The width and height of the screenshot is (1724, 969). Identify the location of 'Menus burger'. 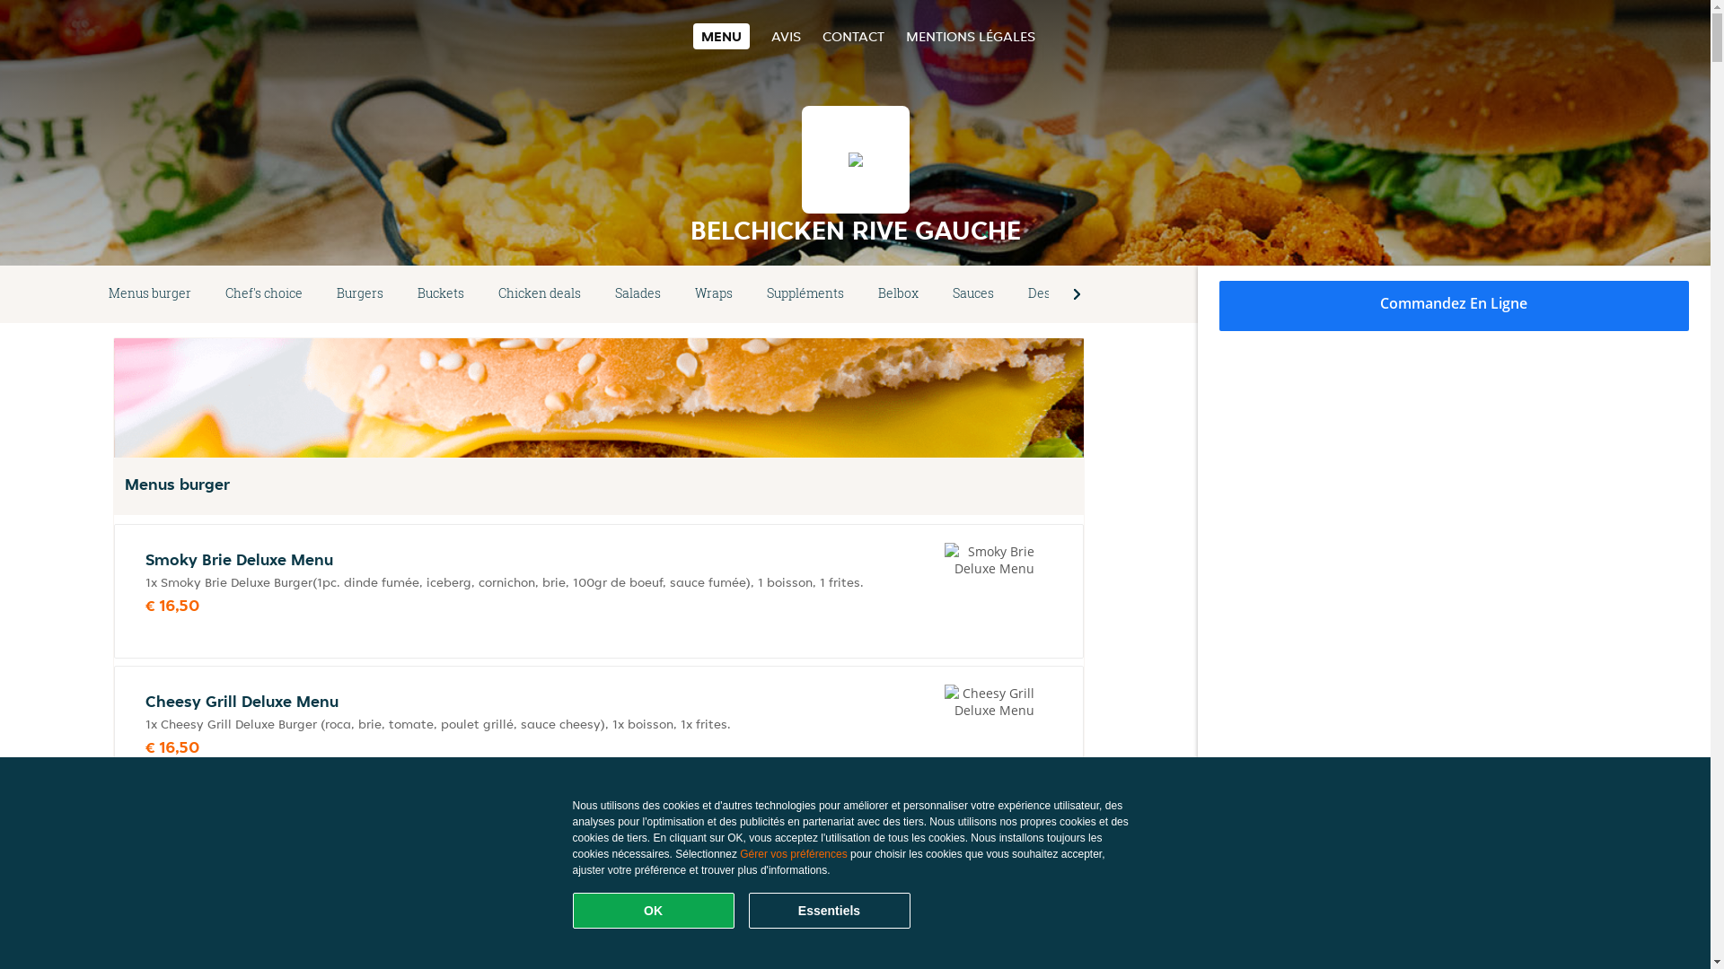
(150, 292).